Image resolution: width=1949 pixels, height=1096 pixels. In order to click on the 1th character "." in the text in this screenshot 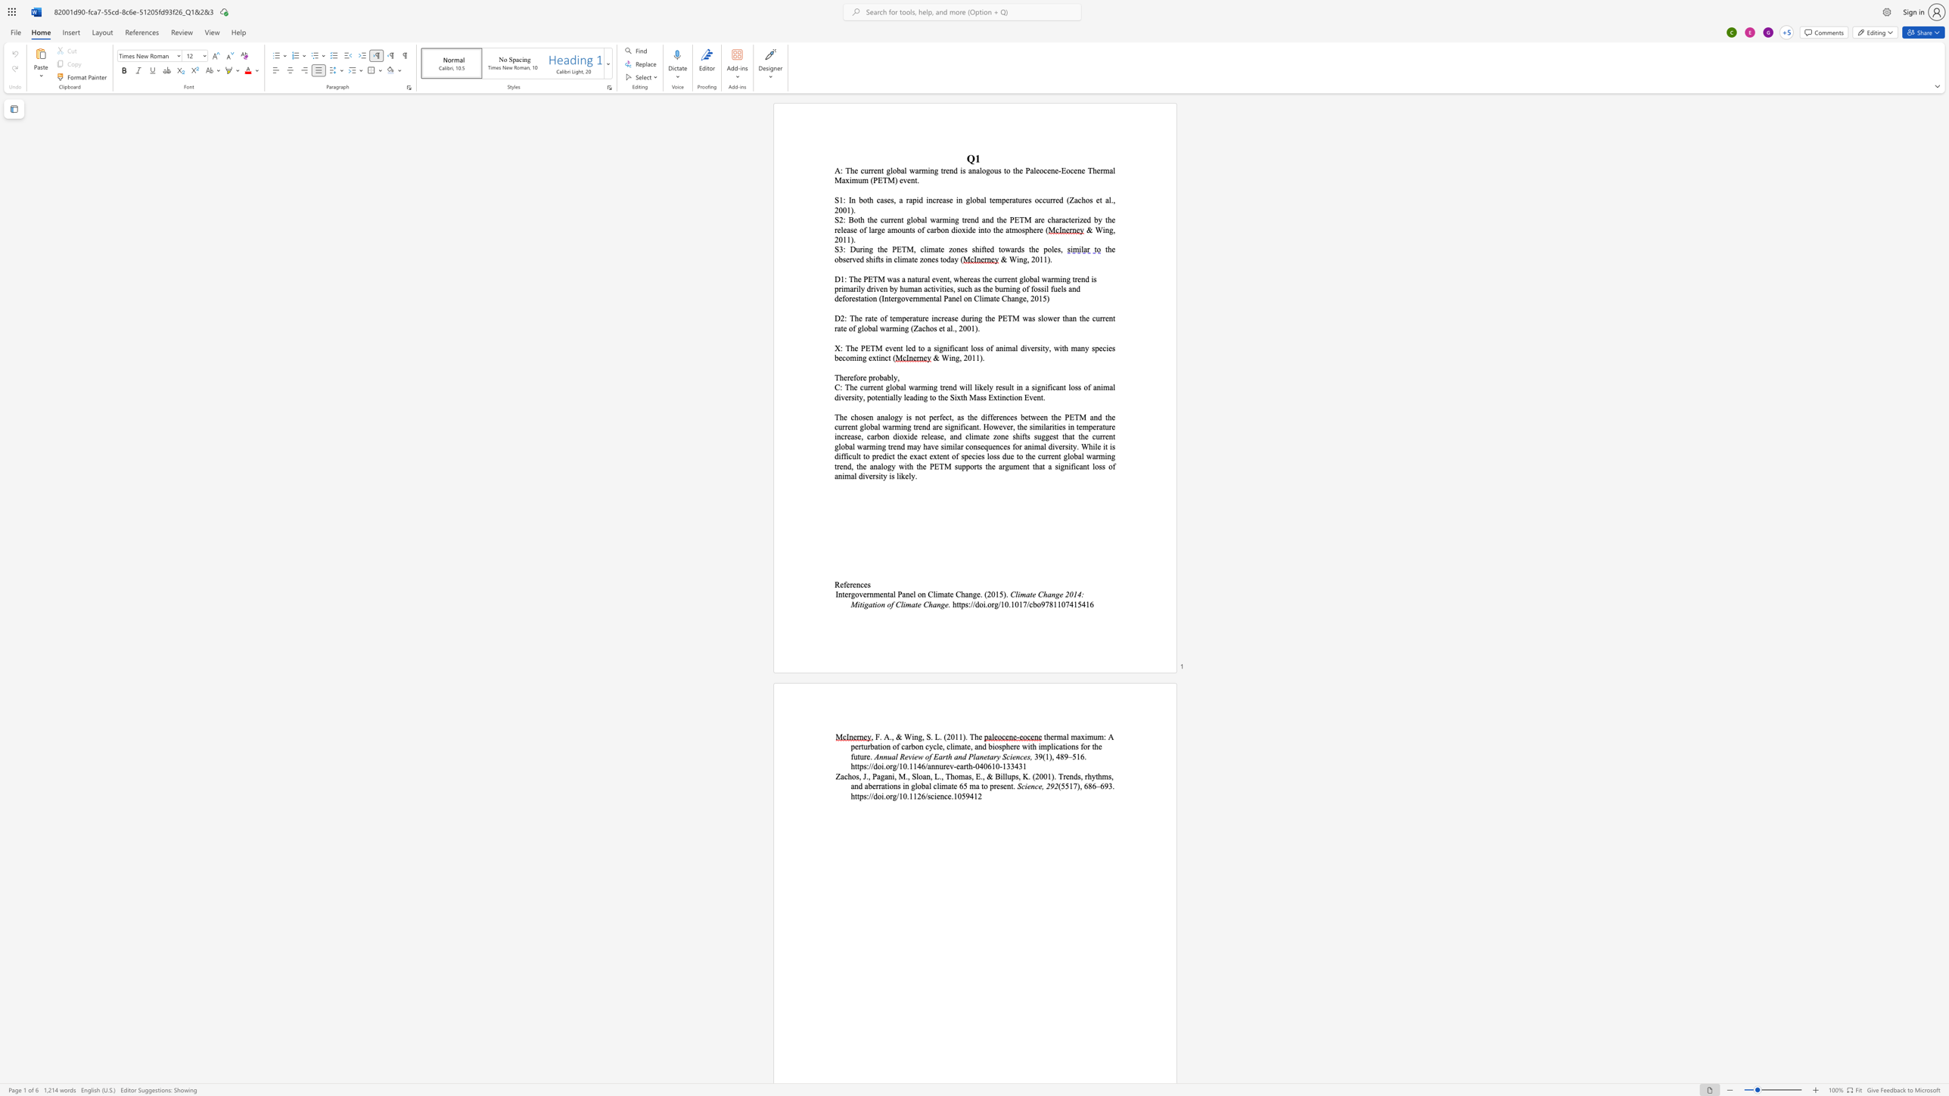, I will do `click(853, 239)`.